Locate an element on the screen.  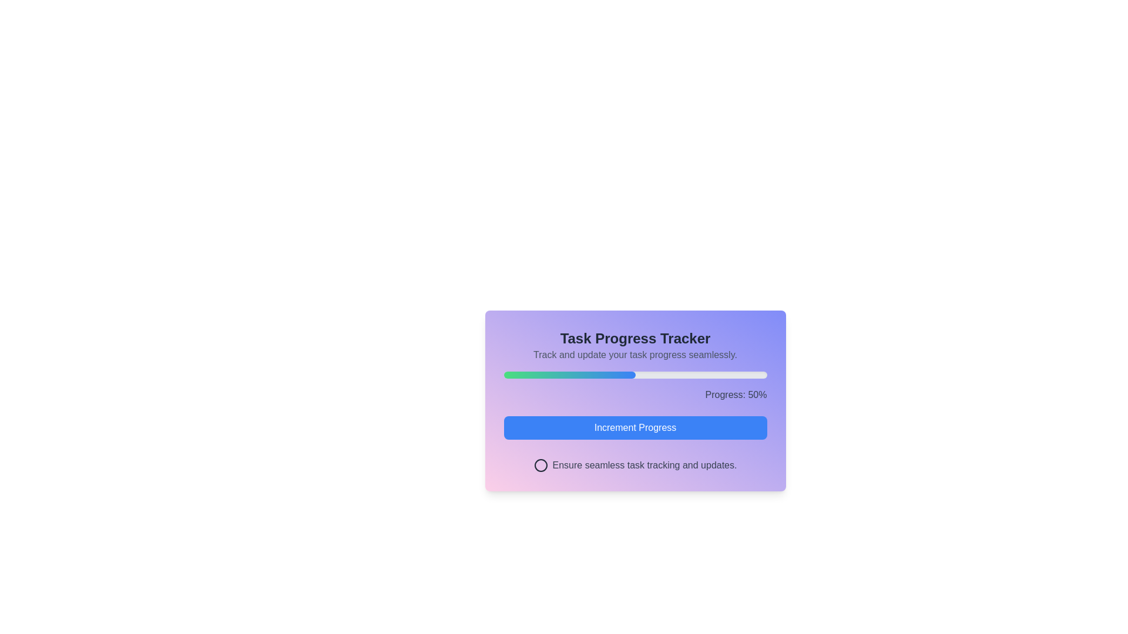
the main header text that indicates task progress tracking, located at the center of a card component is located at coordinates (634, 339).